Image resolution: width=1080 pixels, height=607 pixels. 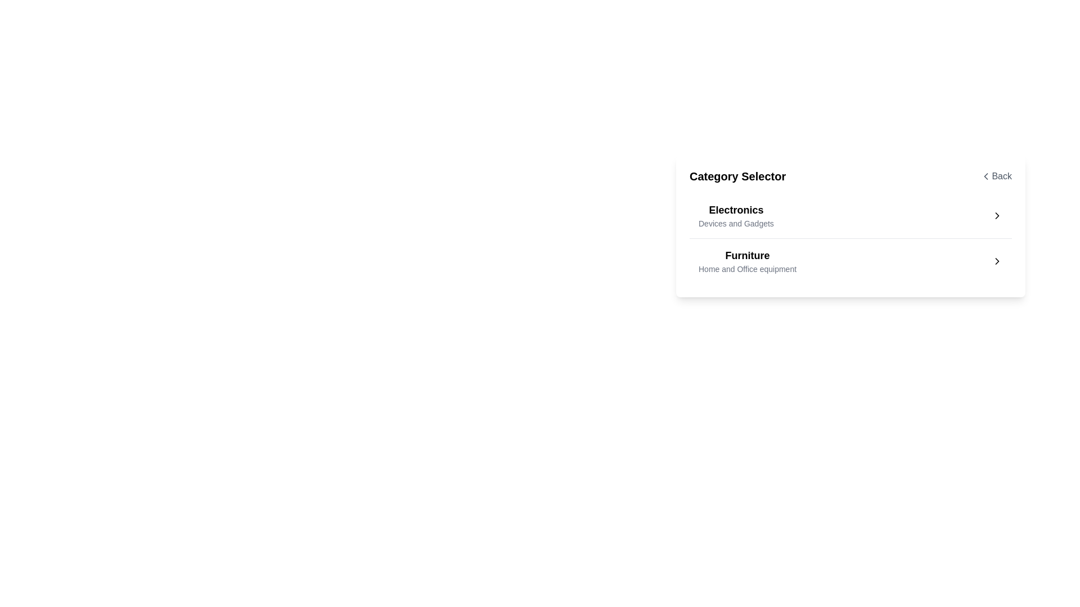 I want to click on the small gray text block reading 'Home and Office equipment' that is located directly below the bold title 'Furniture', so click(x=748, y=269).